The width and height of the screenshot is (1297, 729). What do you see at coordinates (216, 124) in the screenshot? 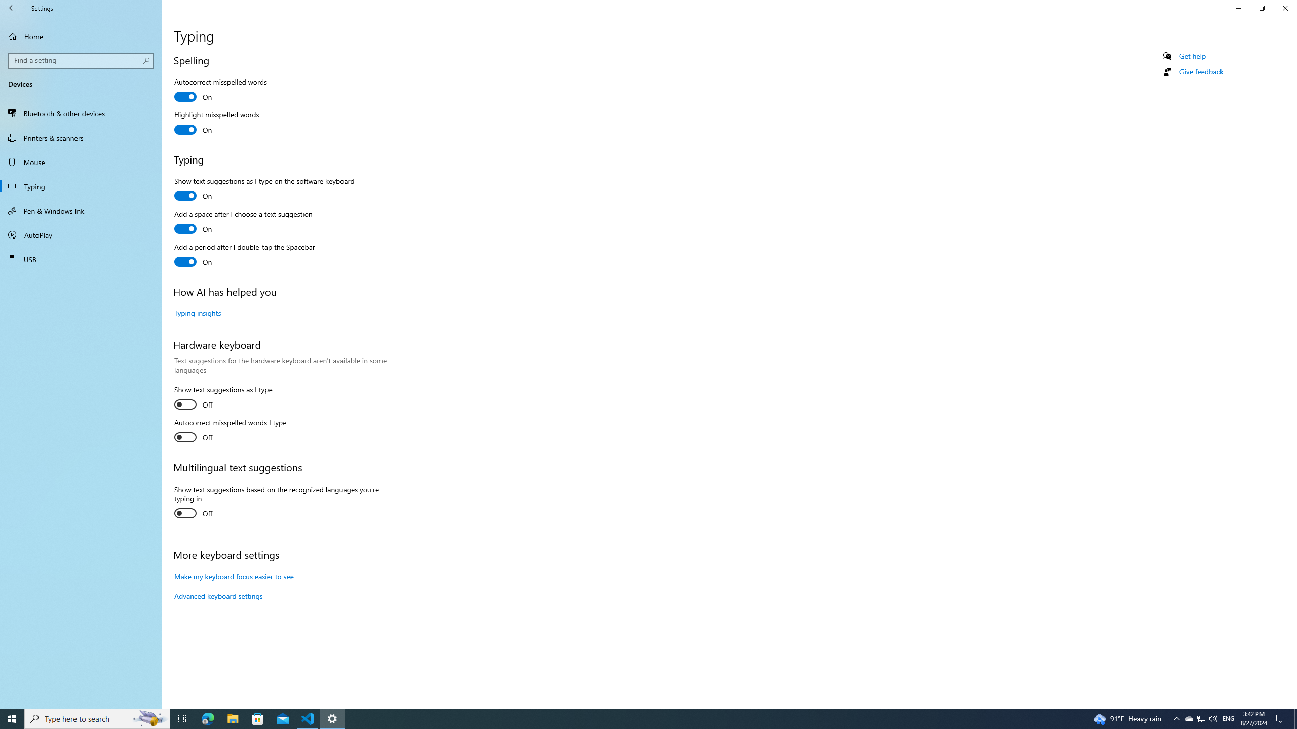
I see `'Highlight misspelled words'` at bounding box center [216, 124].